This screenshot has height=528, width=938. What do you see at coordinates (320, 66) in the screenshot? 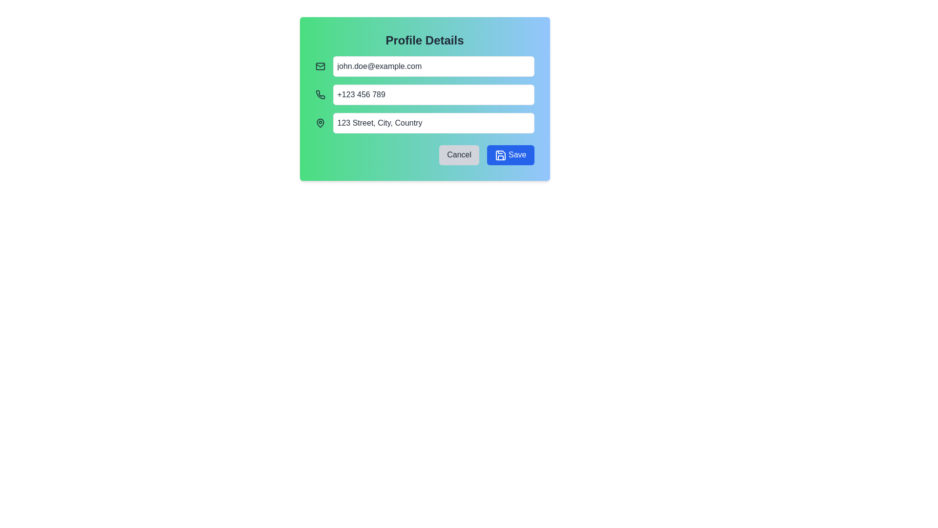
I see `the small envelope-shaped icon, which is outlined and located next to the email input field labeled 'john.doe@example.com'` at bounding box center [320, 66].